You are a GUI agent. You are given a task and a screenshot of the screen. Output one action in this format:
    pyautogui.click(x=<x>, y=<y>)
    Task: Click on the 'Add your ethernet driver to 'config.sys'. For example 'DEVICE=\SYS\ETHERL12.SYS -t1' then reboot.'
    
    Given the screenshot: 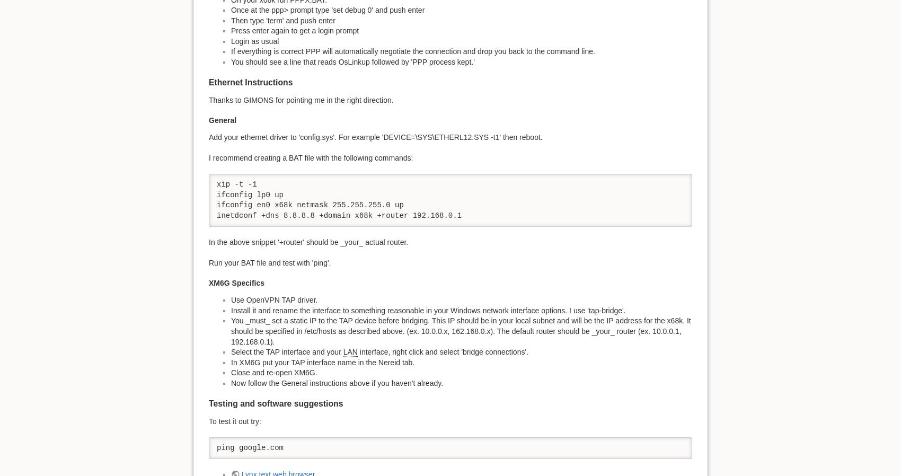 What is the action you would take?
    pyautogui.click(x=208, y=137)
    